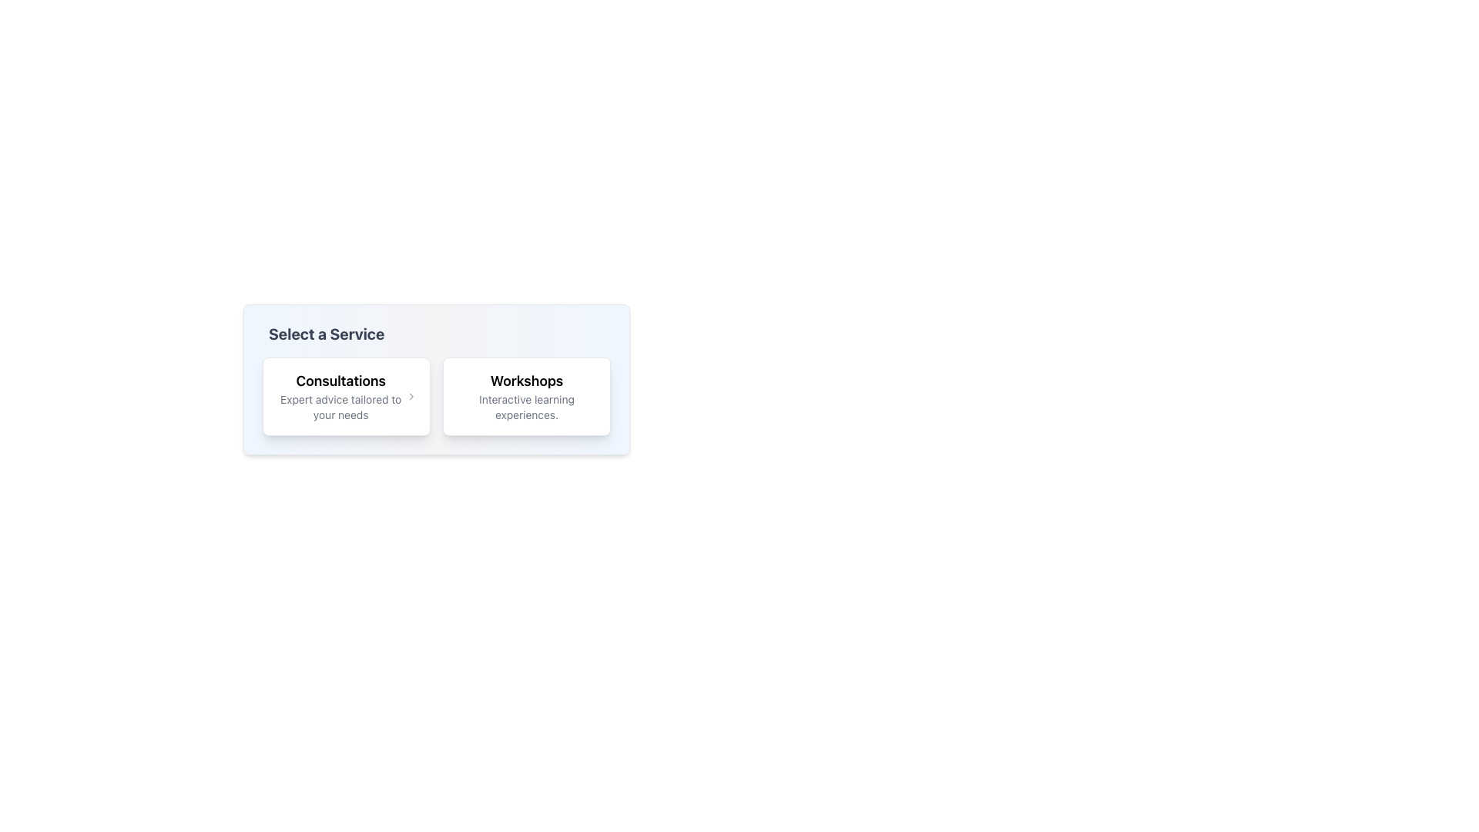 The image size is (1479, 832). What do you see at coordinates (527, 381) in the screenshot?
I see `the 'Workshops' text label, which is styled in a bold serif font and serves as a prominent section title above descriptive text` at bounding box center [527, 381].